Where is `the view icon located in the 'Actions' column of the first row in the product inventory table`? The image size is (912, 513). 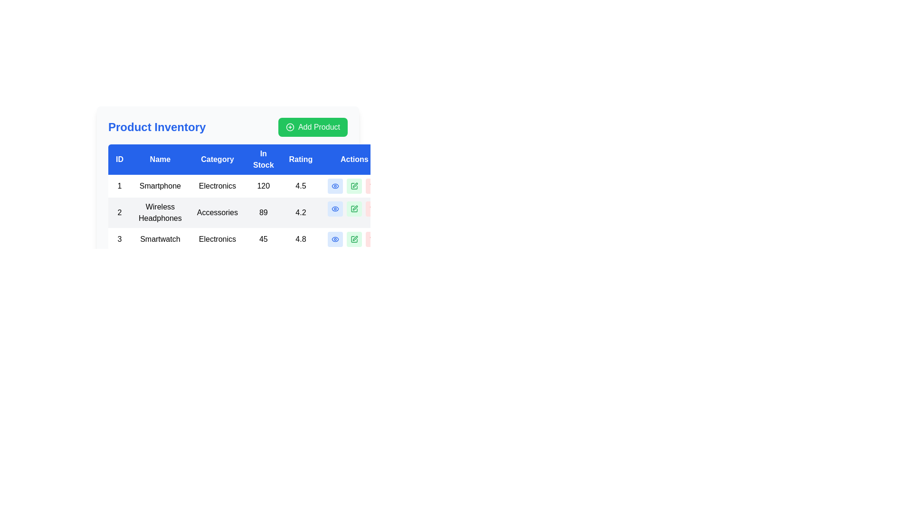 the view icon located in the 'Actions' column of the first row in the product inventory table is located at coordinates (335, 186).